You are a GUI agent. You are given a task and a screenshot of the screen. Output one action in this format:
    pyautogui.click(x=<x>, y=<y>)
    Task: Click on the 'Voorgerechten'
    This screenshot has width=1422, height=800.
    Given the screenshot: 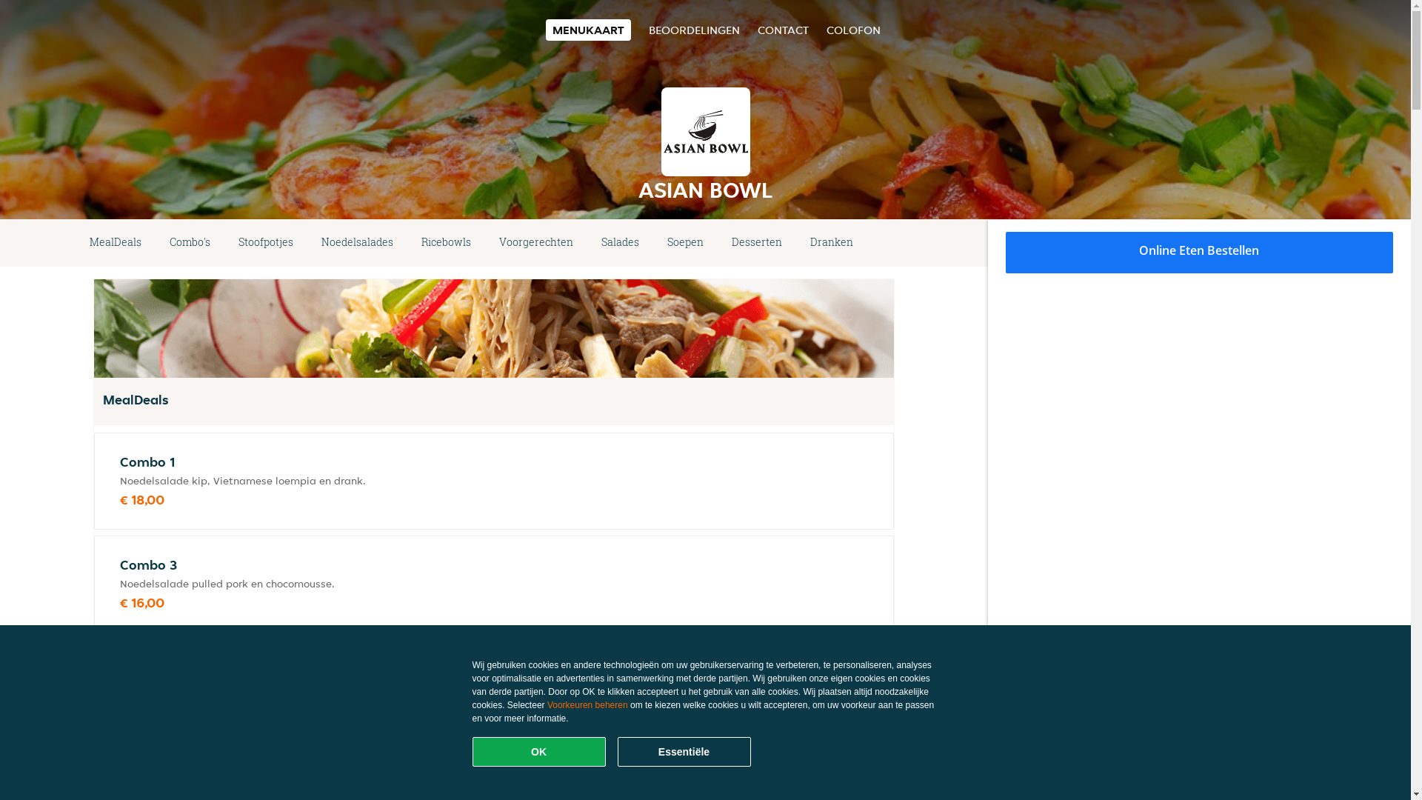 What is the action you would take?
    pyautogui.click(x=535, y=241)
    